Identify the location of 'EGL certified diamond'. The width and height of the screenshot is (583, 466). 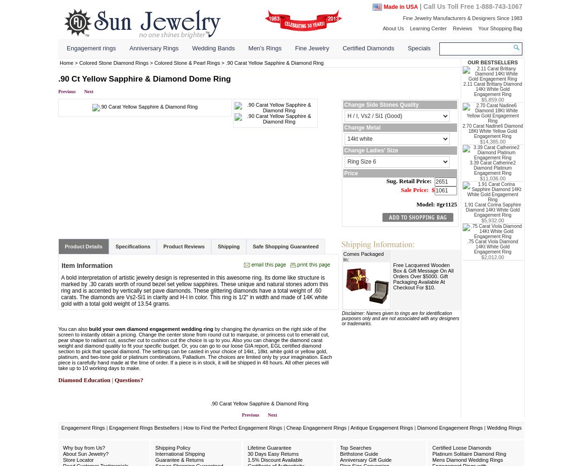
(296, 345).